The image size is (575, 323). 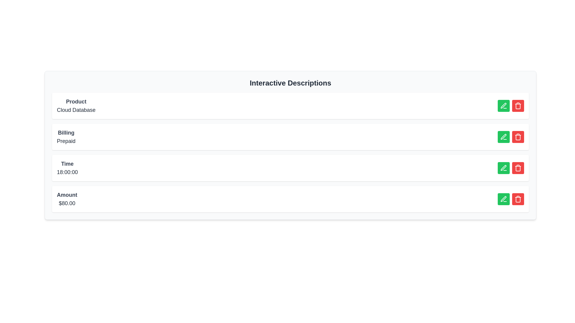 I want to click on the label that identifies the product type as 'Cloud Database', located directly under the 'Product' label in the upper left part of the interface, so click(x=76, y=110).